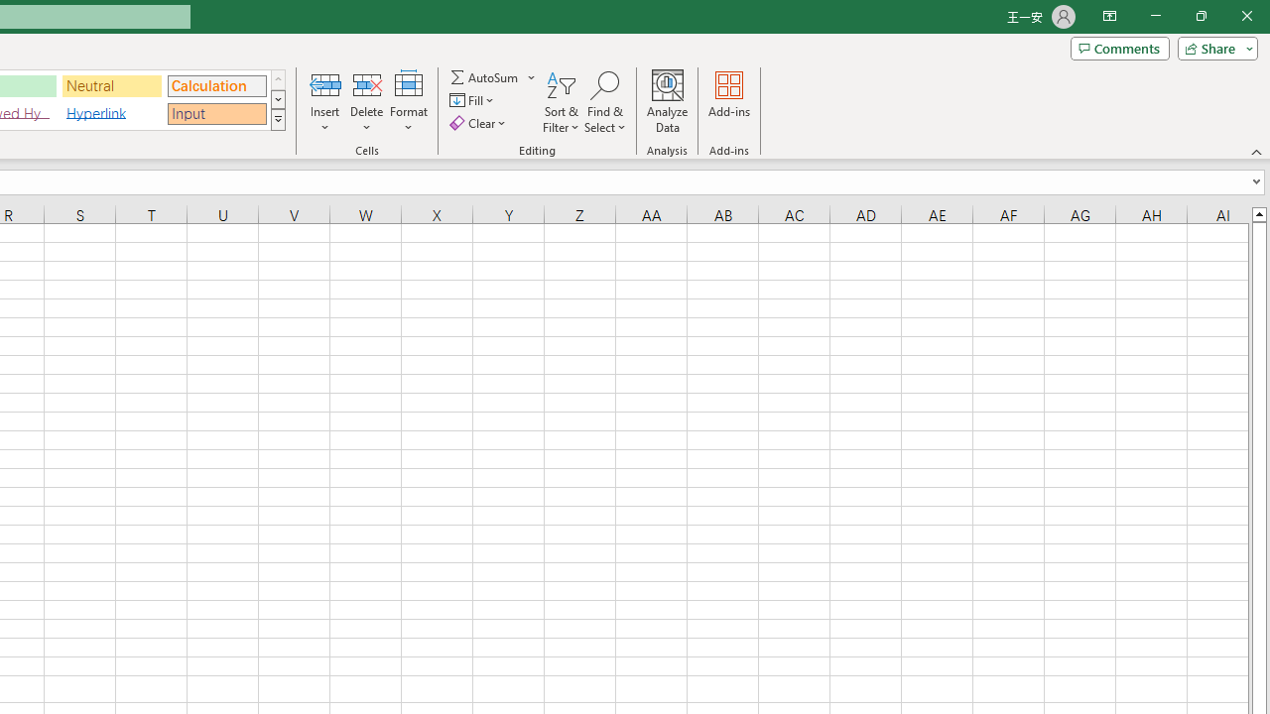 The image size is (1270, 714). What do you see at coordinates (485, 76) in the screenshot?
I see `'Sum'` at bounding box center [485, 76].